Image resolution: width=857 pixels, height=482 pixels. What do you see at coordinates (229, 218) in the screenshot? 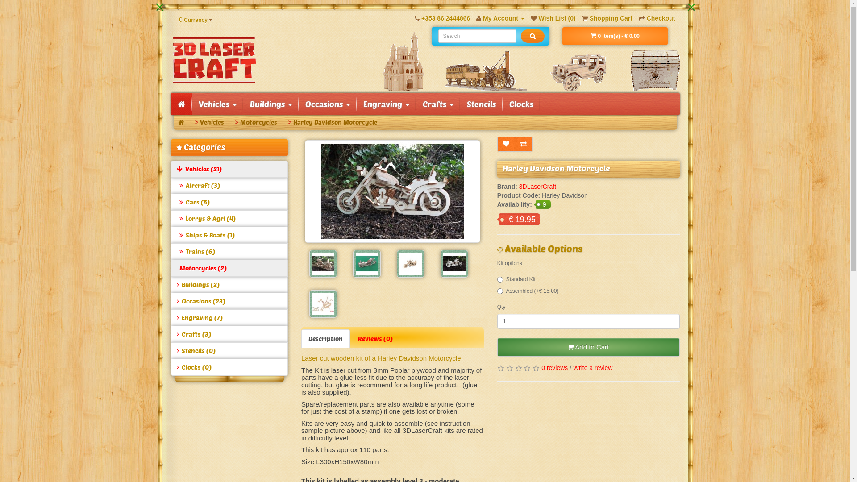
I see `'    Lorrys & Agri (4)'` at bounding box center [229, 218].